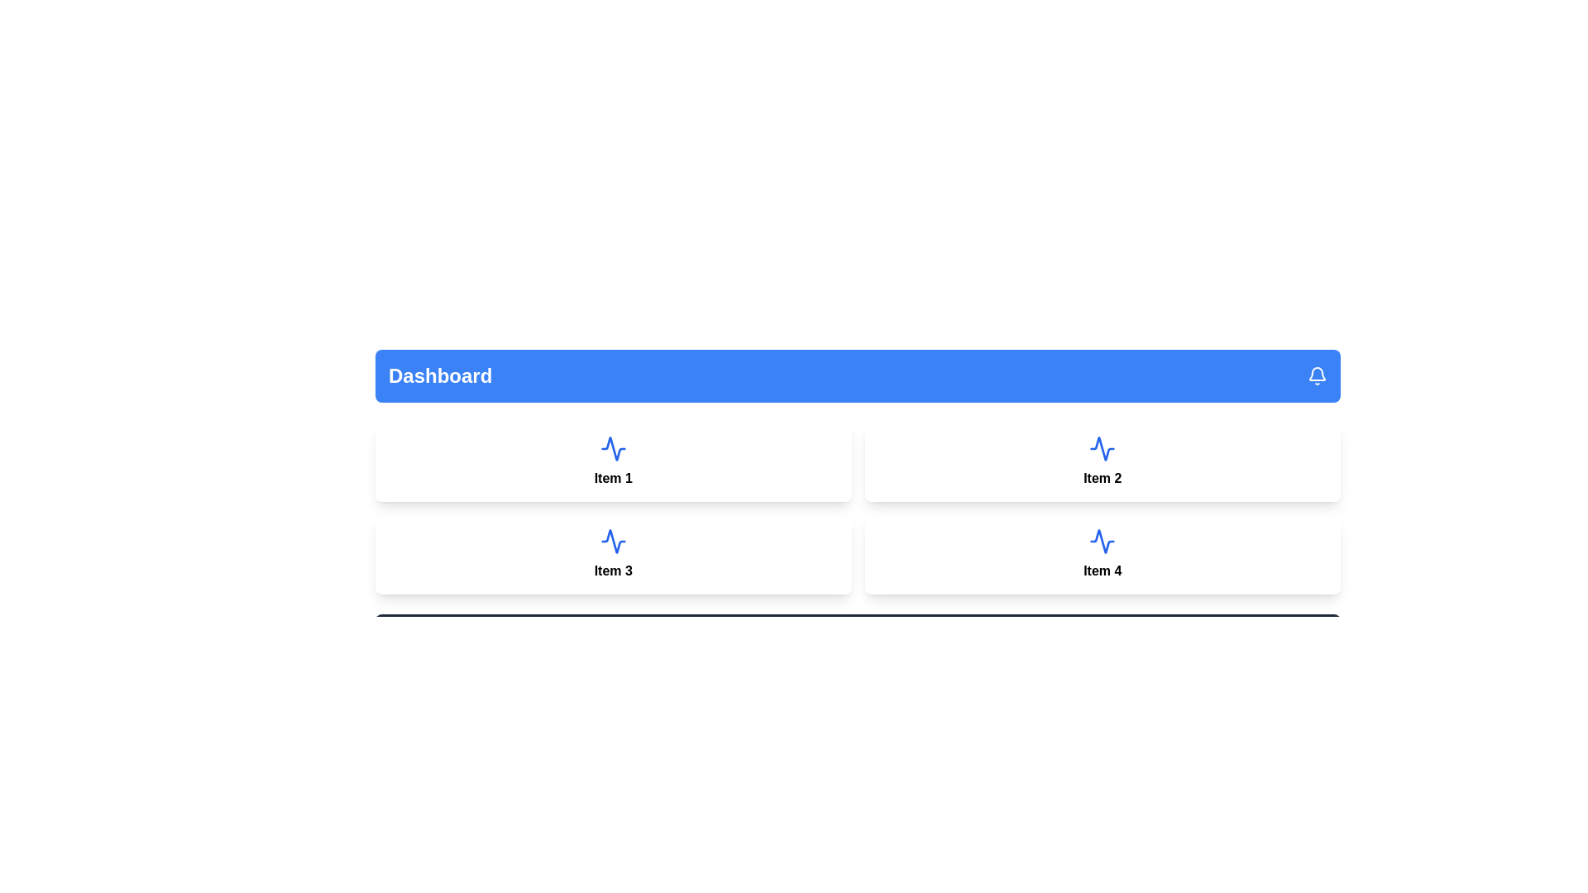  Describe the element at coordinates (612, 555) in the screenshot. I see `information presented in the third card labeled 'Item 3' located in the bottom-left position of the grid layout` at that location.